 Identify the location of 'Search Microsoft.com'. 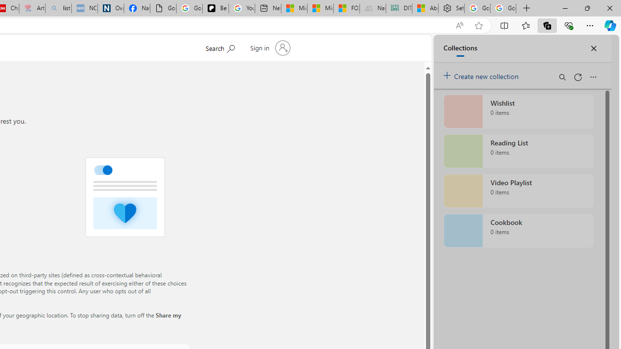
(219, 47).